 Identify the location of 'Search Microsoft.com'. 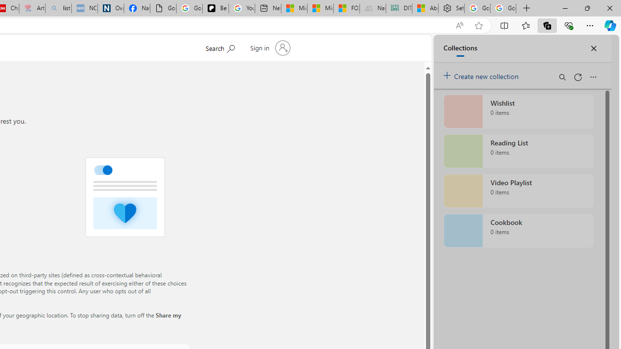
(219, 47).